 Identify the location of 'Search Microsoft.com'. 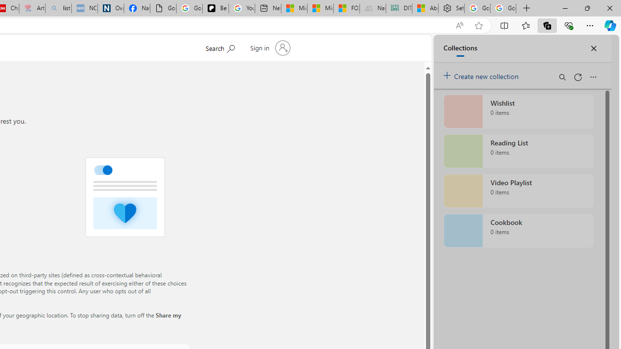
(219, 47).